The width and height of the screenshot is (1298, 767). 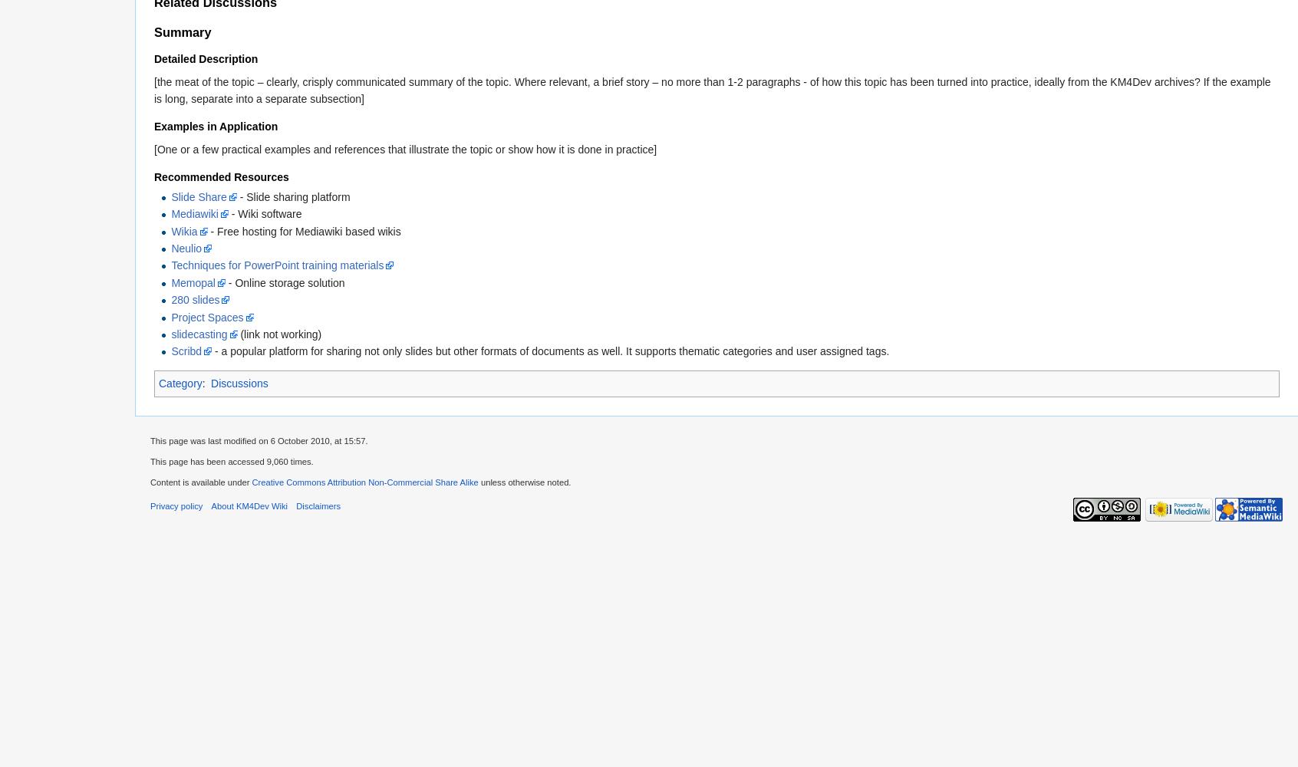 I want to click on 'Detailed Description', so click(x=153, y=58).